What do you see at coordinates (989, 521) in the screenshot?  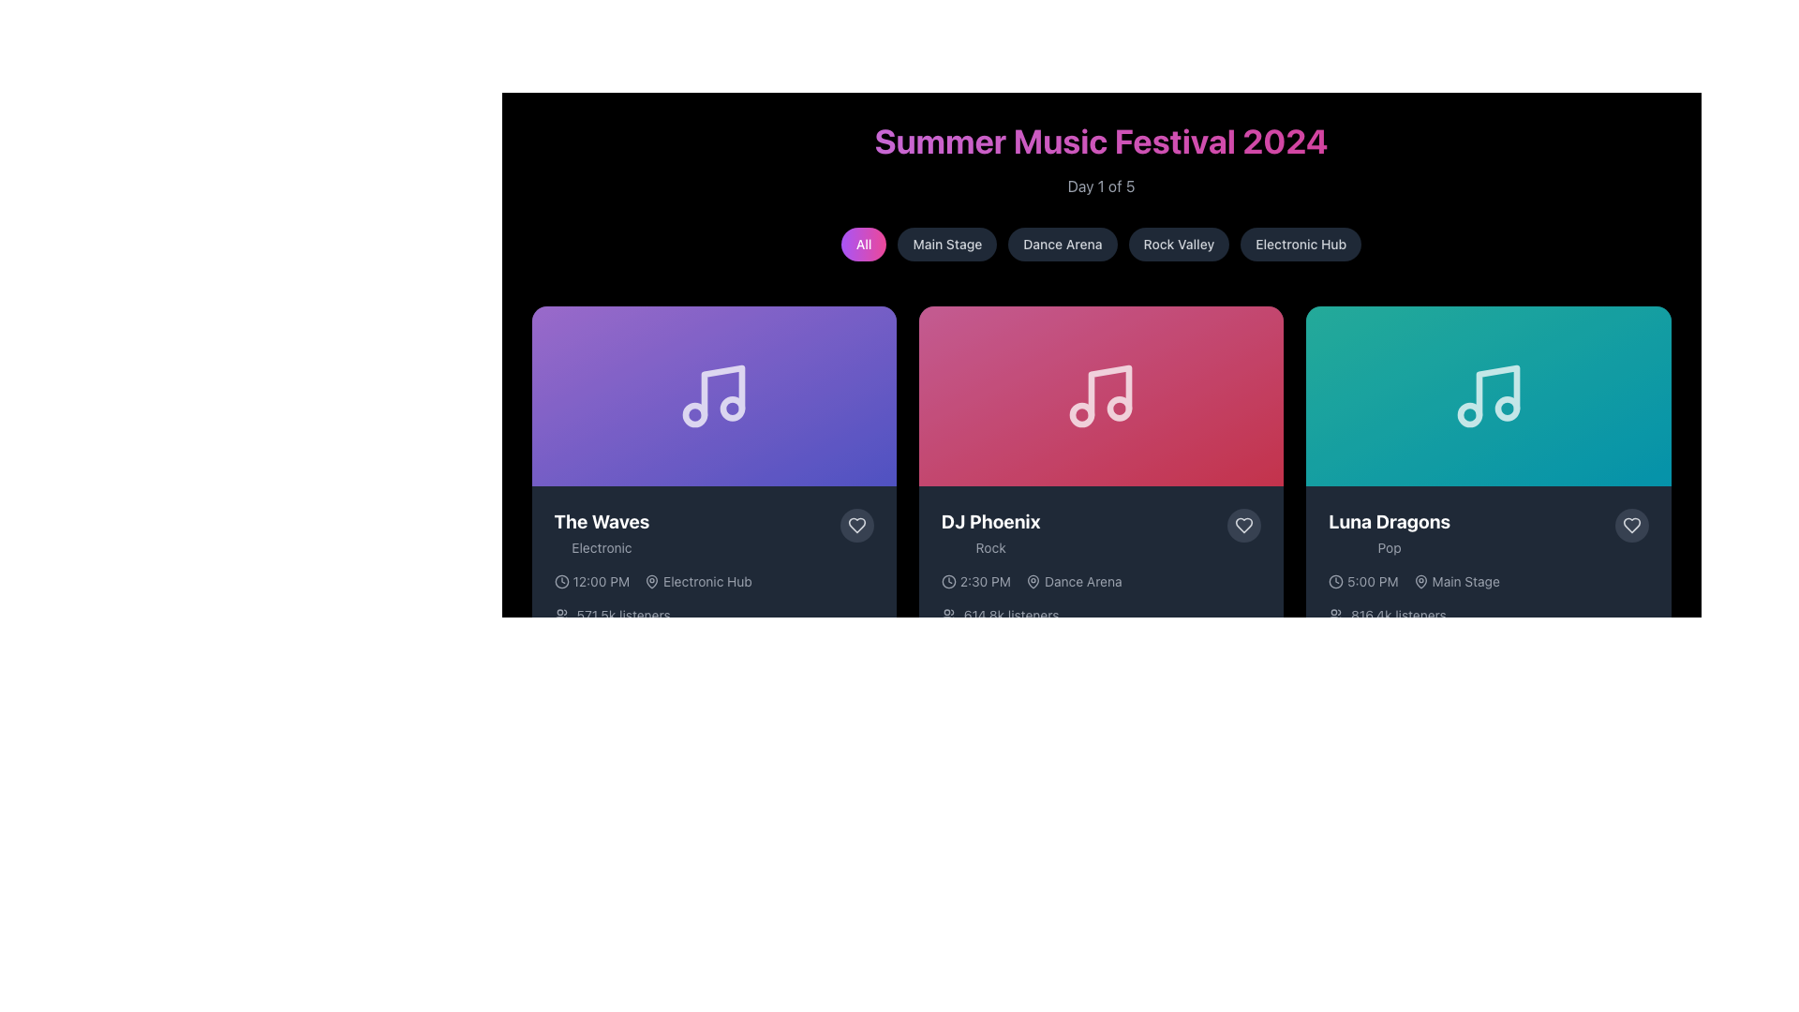 I see `bold, large-font text label 'DJ Phoenix' styled in white against a dark background, located above the smaller text label 'Rock' in the central red section of the layout` at bounding box center [989, 521].